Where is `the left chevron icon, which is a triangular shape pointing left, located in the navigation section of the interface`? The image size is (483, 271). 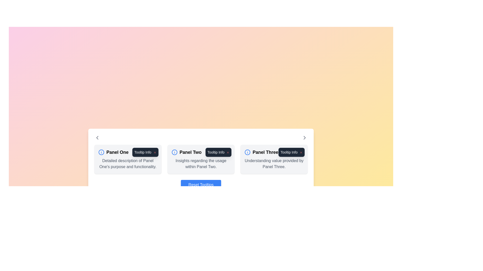
the left chevron icon, which is a triangular shape pointing left, located in the navigation section of the interface is located at coordinates (97, 138).